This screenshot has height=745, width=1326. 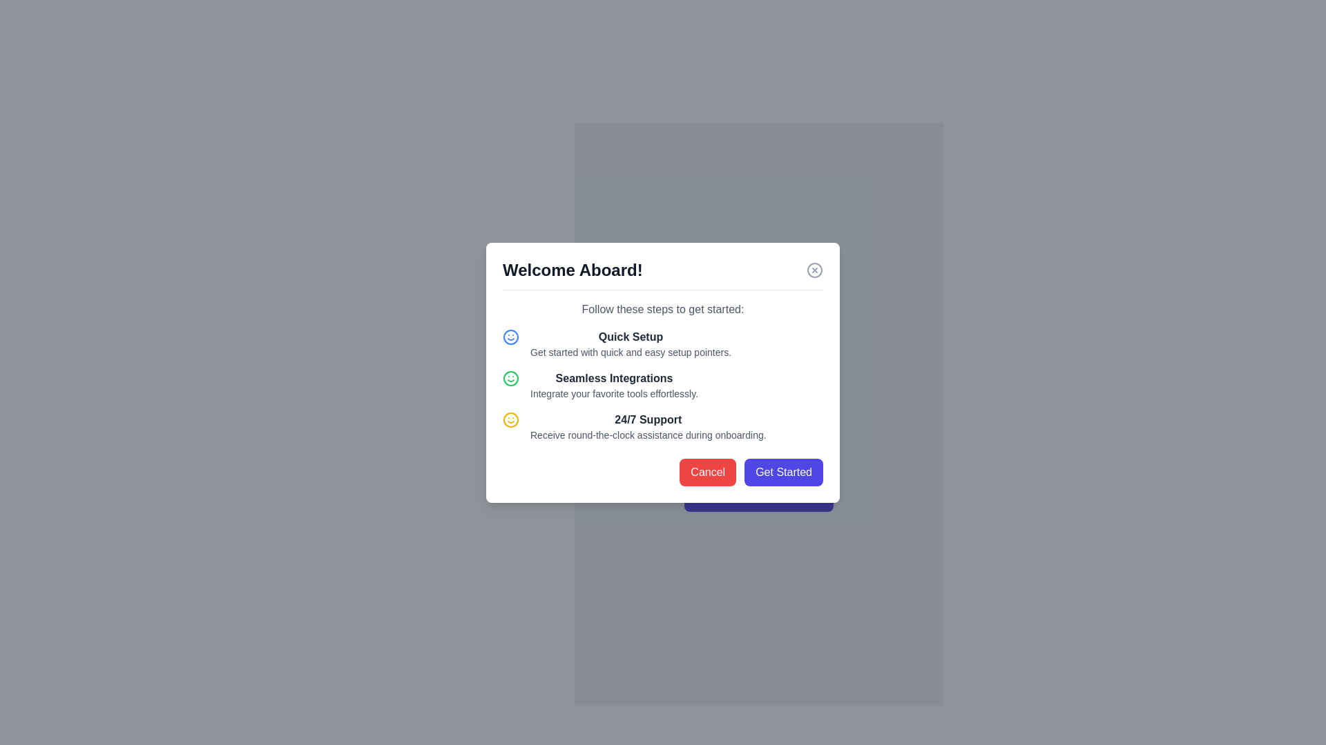 What do you see at coordinates (815, 270) in the screenshot?
I see `the interactive close icon` at bounding box center [815, 270].